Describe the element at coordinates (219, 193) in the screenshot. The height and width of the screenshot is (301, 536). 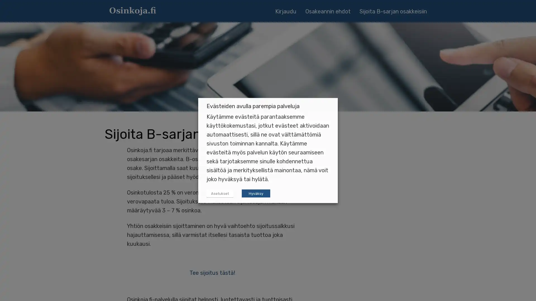
I see `Asetukset` at that location.